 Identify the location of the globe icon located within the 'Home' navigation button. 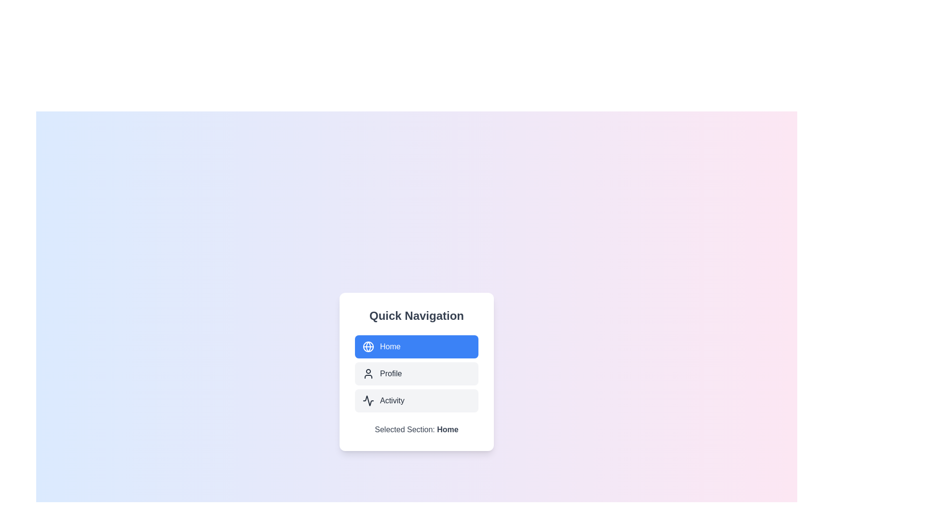
(368, 346).